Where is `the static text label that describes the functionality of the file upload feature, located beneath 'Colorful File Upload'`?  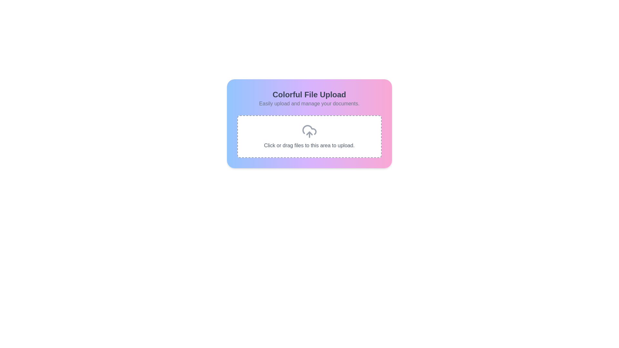 the static text label that describes the functionality of the file upload feature, located beneath 'Colorful File Upload' is located at coordinates (309, 103).